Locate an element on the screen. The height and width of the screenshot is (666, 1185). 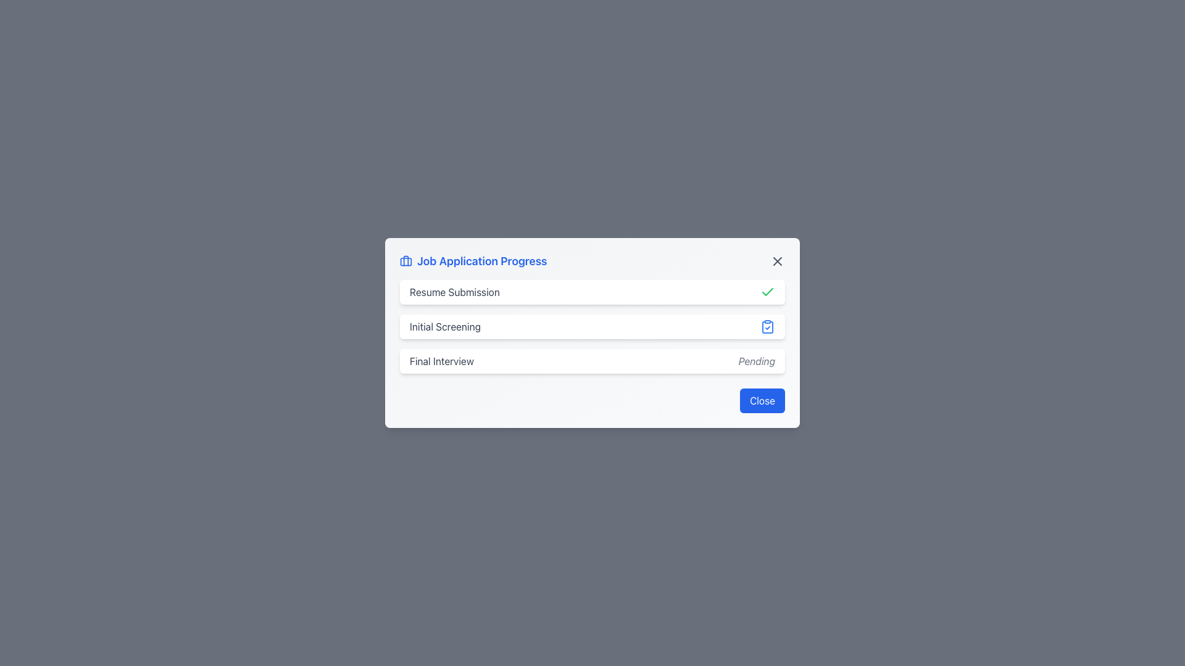
keyboard navigation is located at coordinates (762, 401).